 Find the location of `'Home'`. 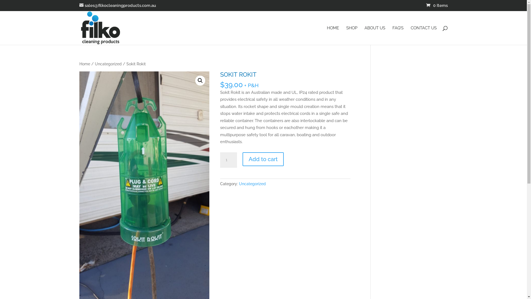

'Home' is located at coordinates (84, 64).